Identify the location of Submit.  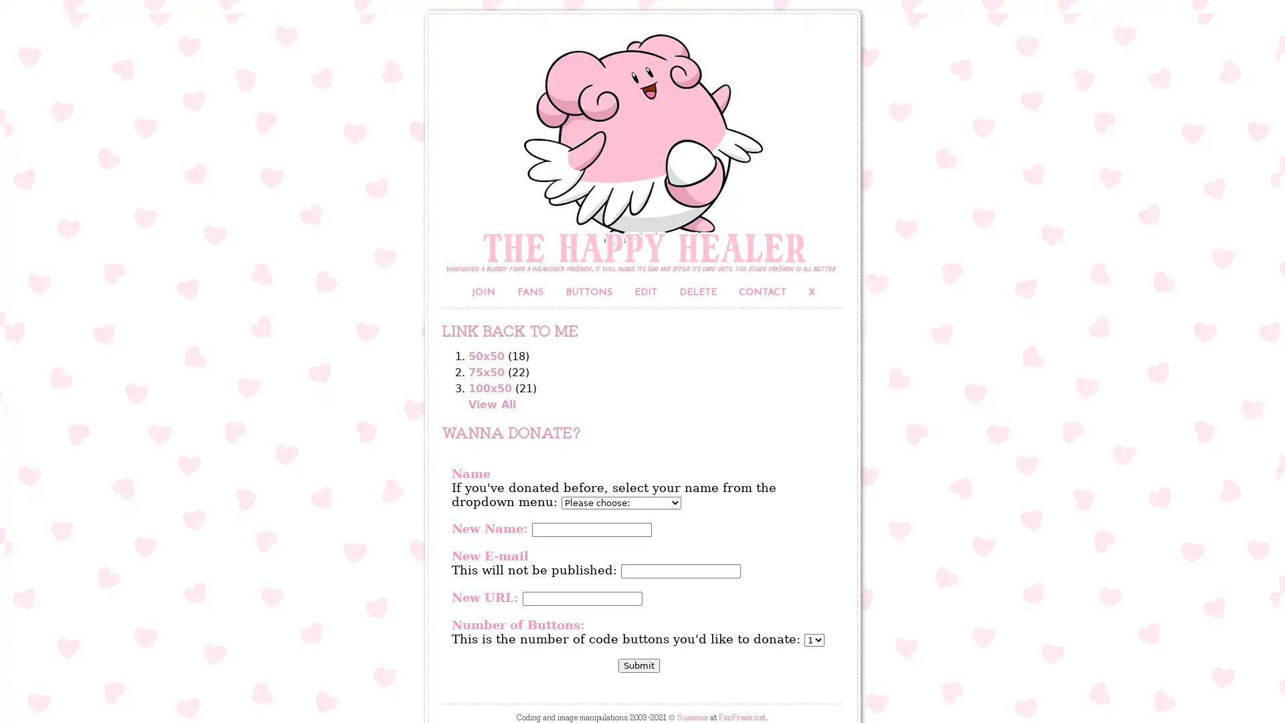
(638, 665).